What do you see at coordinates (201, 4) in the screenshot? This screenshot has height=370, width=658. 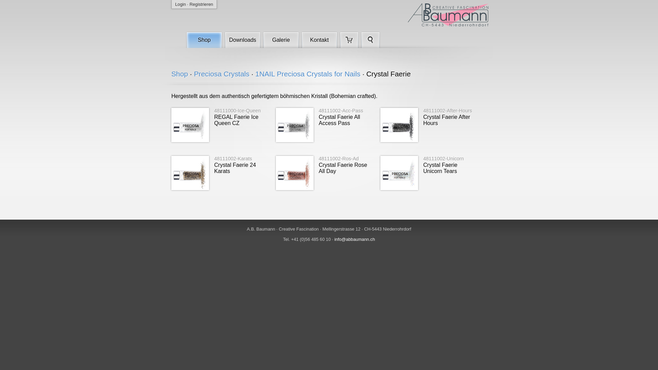 I see `'Registrieren'` at bounding box center [201, 4].